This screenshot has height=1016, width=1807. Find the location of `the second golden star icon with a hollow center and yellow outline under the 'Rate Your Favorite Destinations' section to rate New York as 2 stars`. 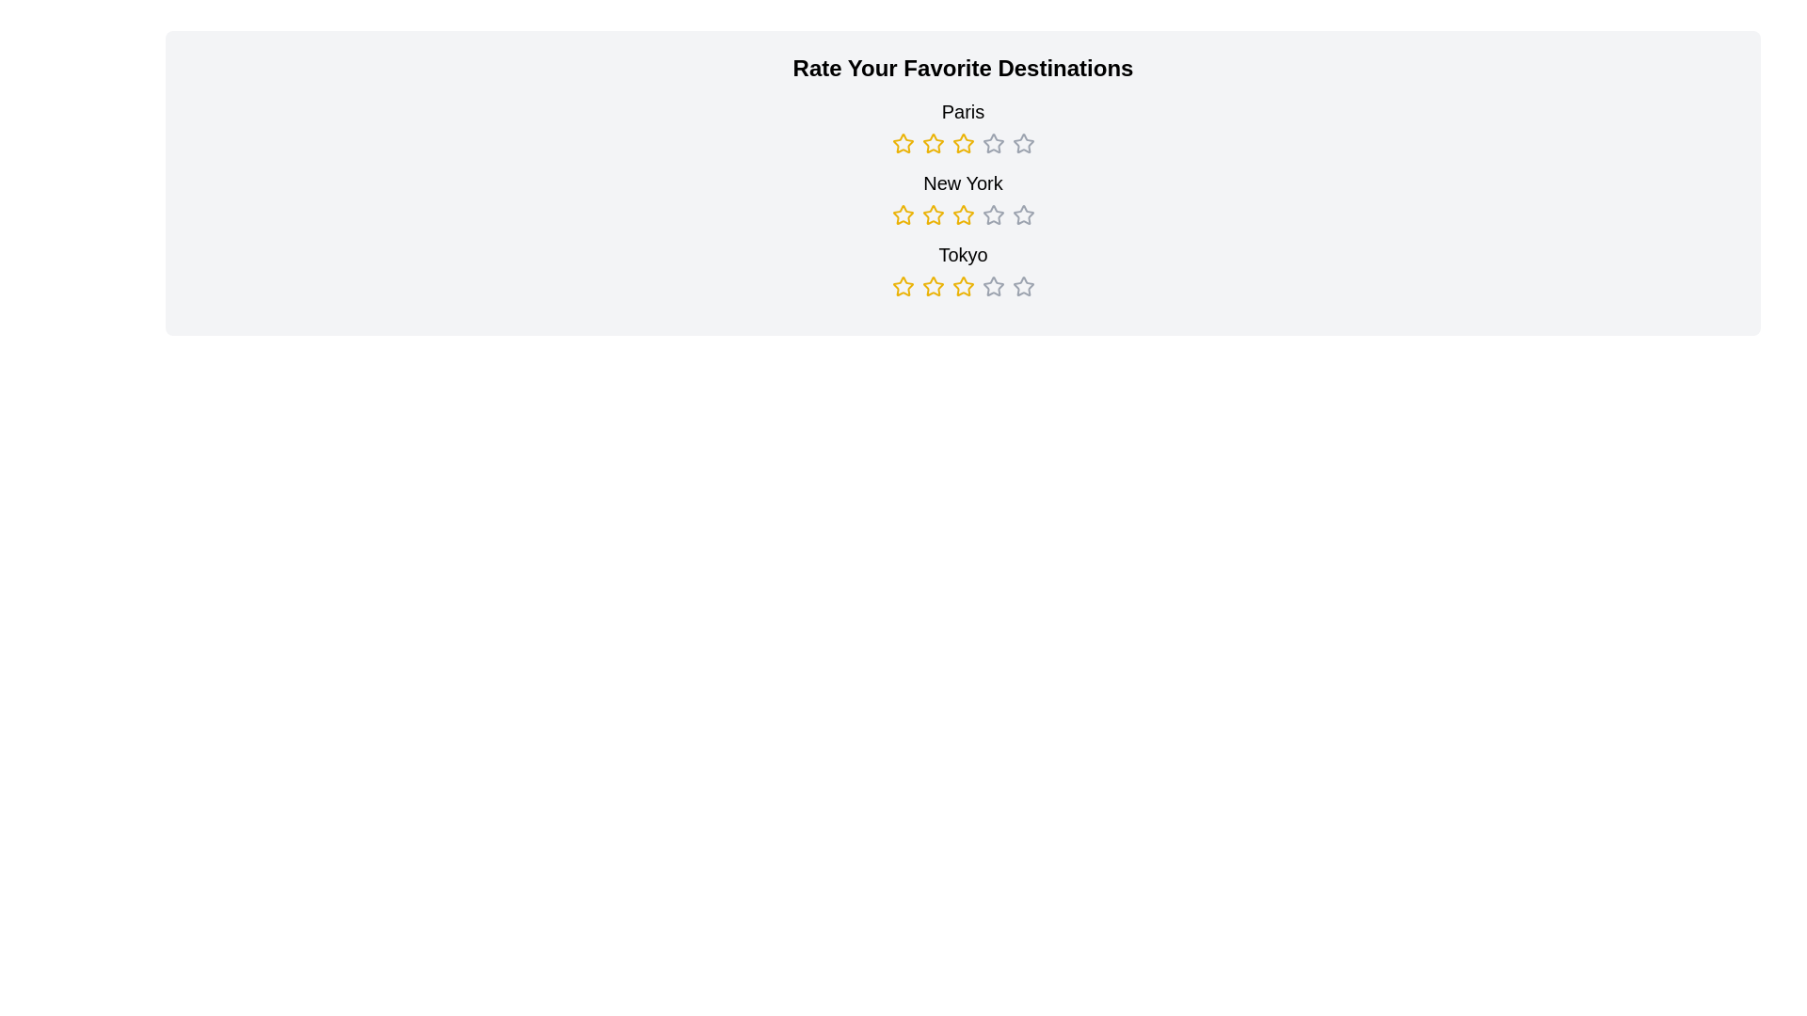

the second golden star icon with a hollow center and yellow outline under the 'Rate Your Favorite Destinations' section to rate New York as 2 stars is located at coordinates (932, 213).